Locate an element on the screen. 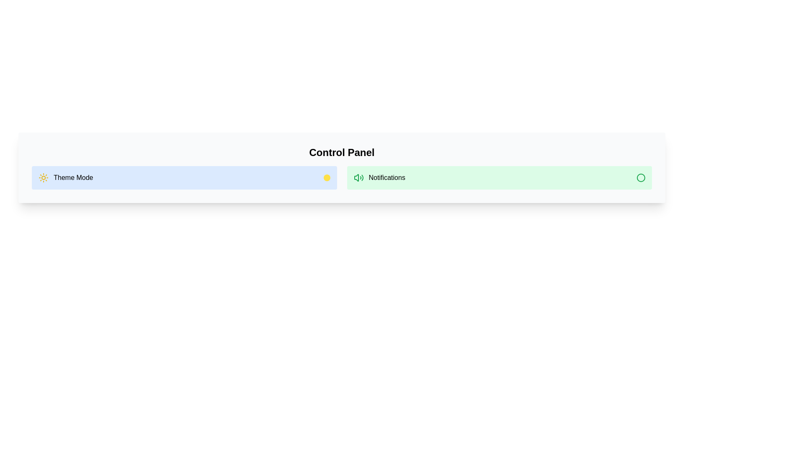 Image resolution: width=805 pixels, height=453 pixels. the sun icon representing the 'Theme Mode' functionality located in the left panel of the control bar is located at coordinates (43, 177).